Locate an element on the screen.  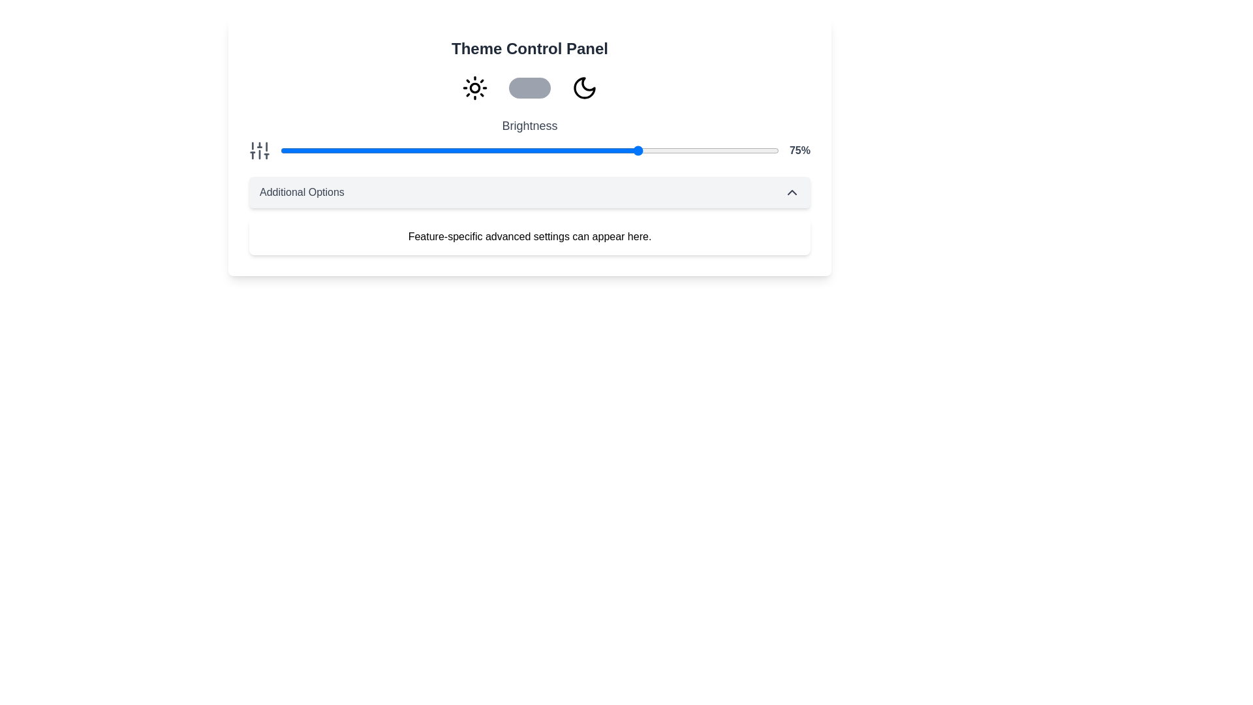
the decorative circular shape representing the nucleus of the sun icon, which is positioned at the center of the sun icon in the upper section of the panel is located at coordinates (474, 88).